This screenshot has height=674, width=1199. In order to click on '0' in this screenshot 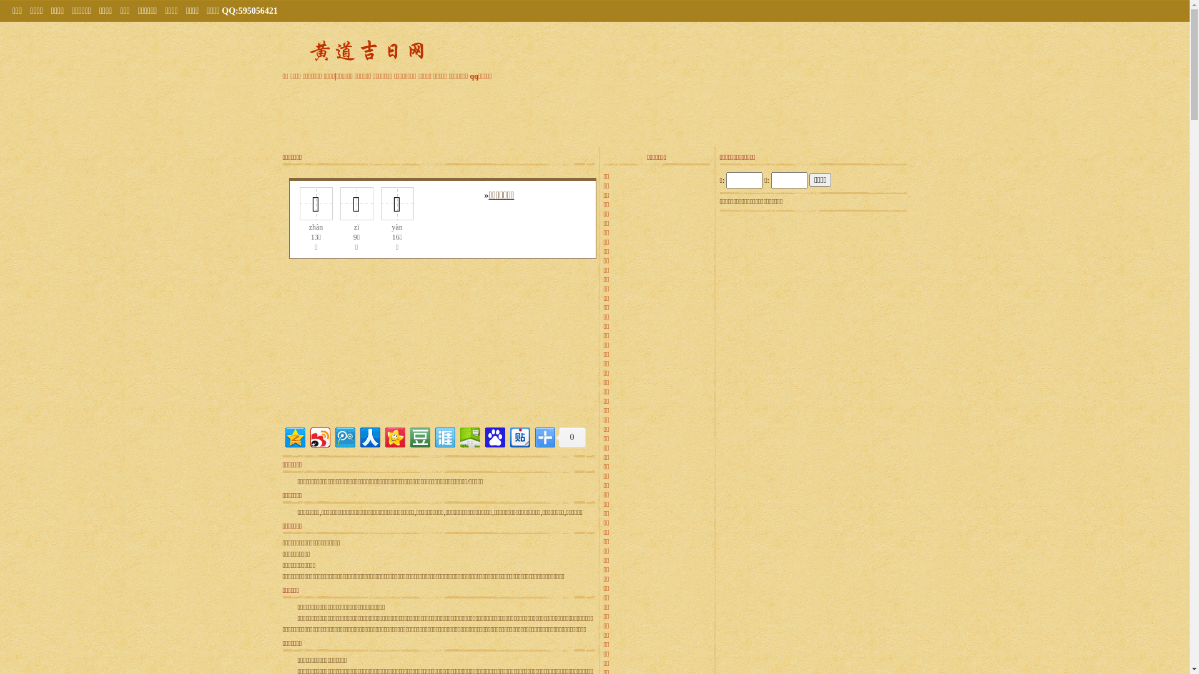, I will do `click(570, 437)`.